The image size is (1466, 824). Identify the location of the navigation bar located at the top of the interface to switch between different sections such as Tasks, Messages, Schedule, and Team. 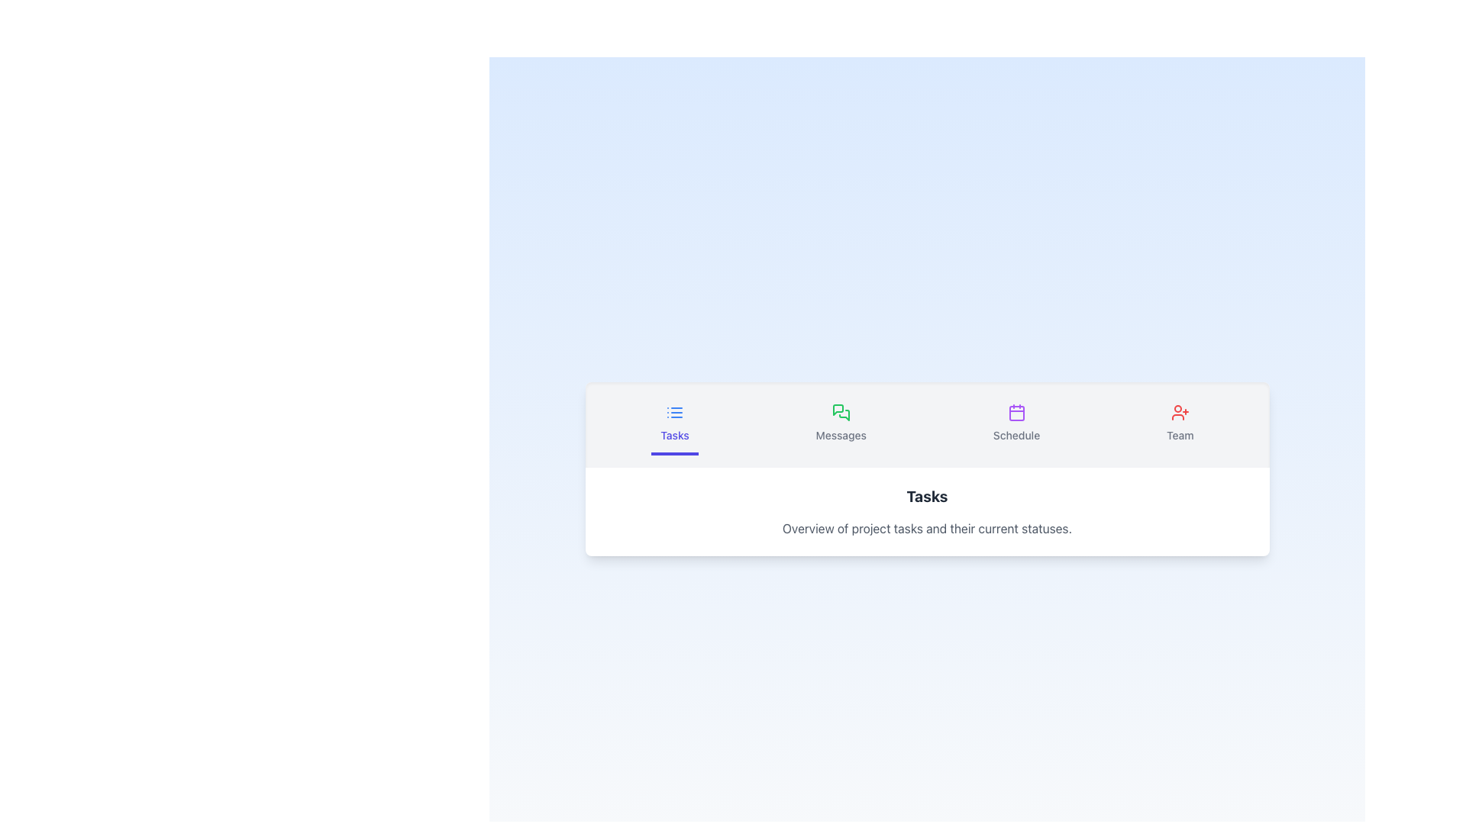
(926, 424).